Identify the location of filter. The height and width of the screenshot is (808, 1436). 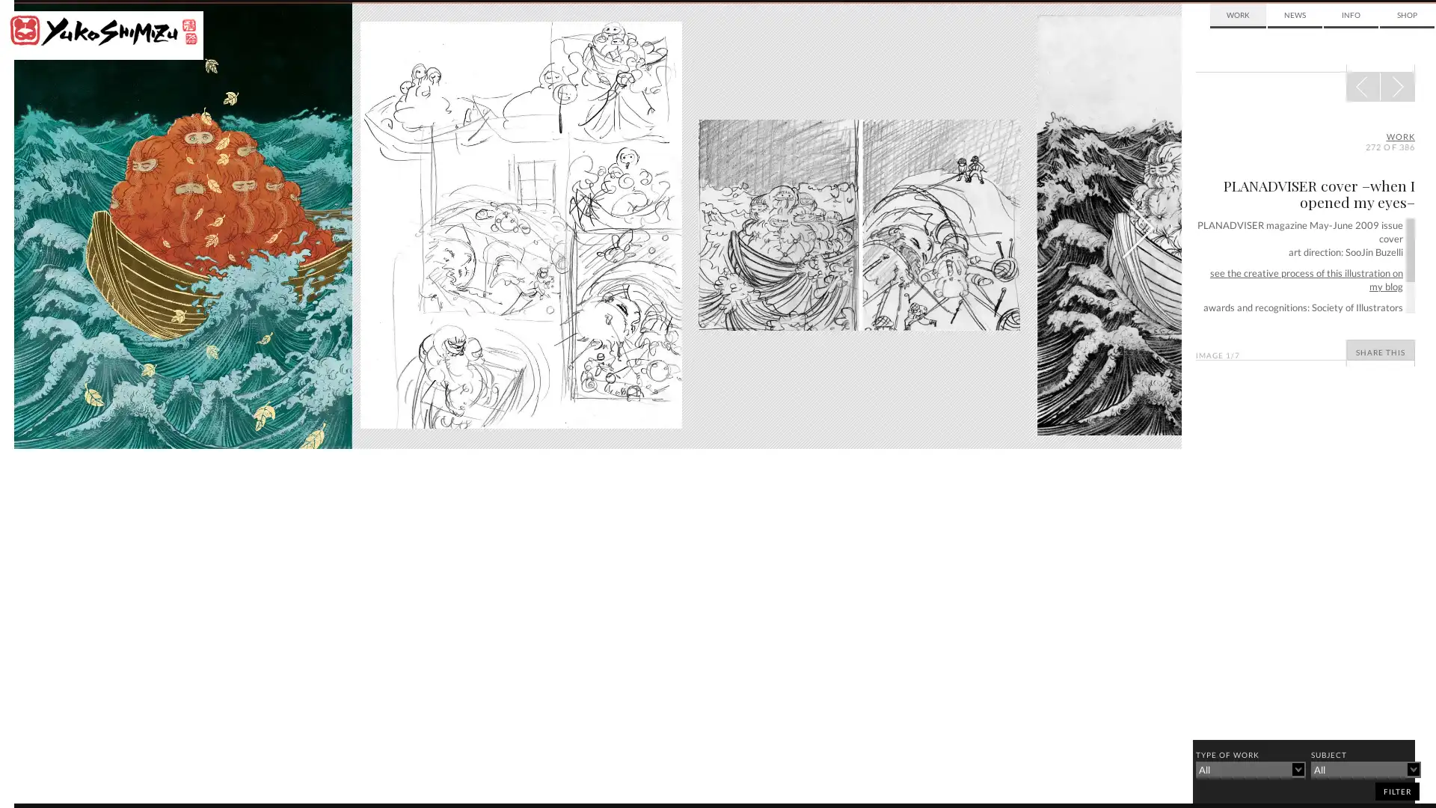
(1396, 789).